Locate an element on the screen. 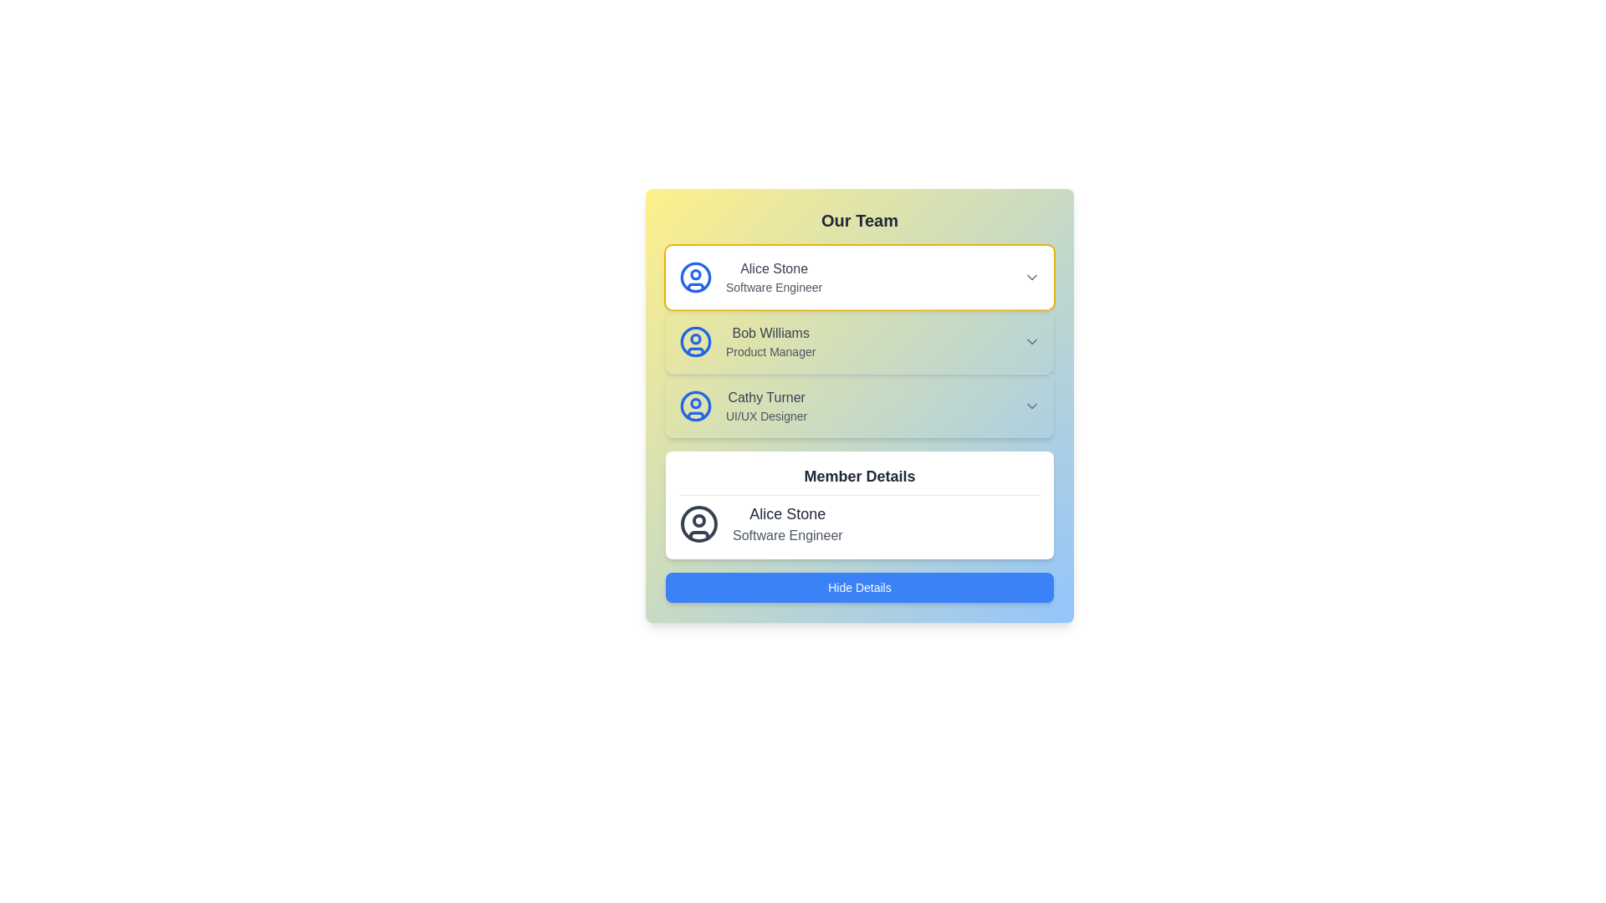 The height and width of the screenshot is (903, 1606). the Text Display element showing 'Alice Stone' and 'Software Engineer' is located at coordinates (786, 523).